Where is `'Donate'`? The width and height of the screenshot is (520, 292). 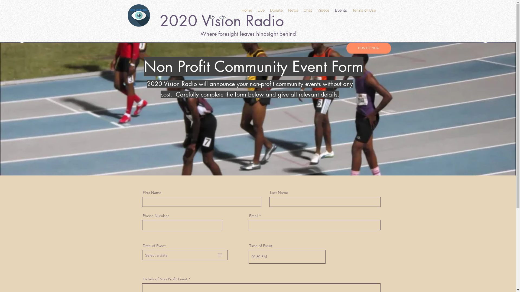 'Donate' is located at coordinates (276, 10).